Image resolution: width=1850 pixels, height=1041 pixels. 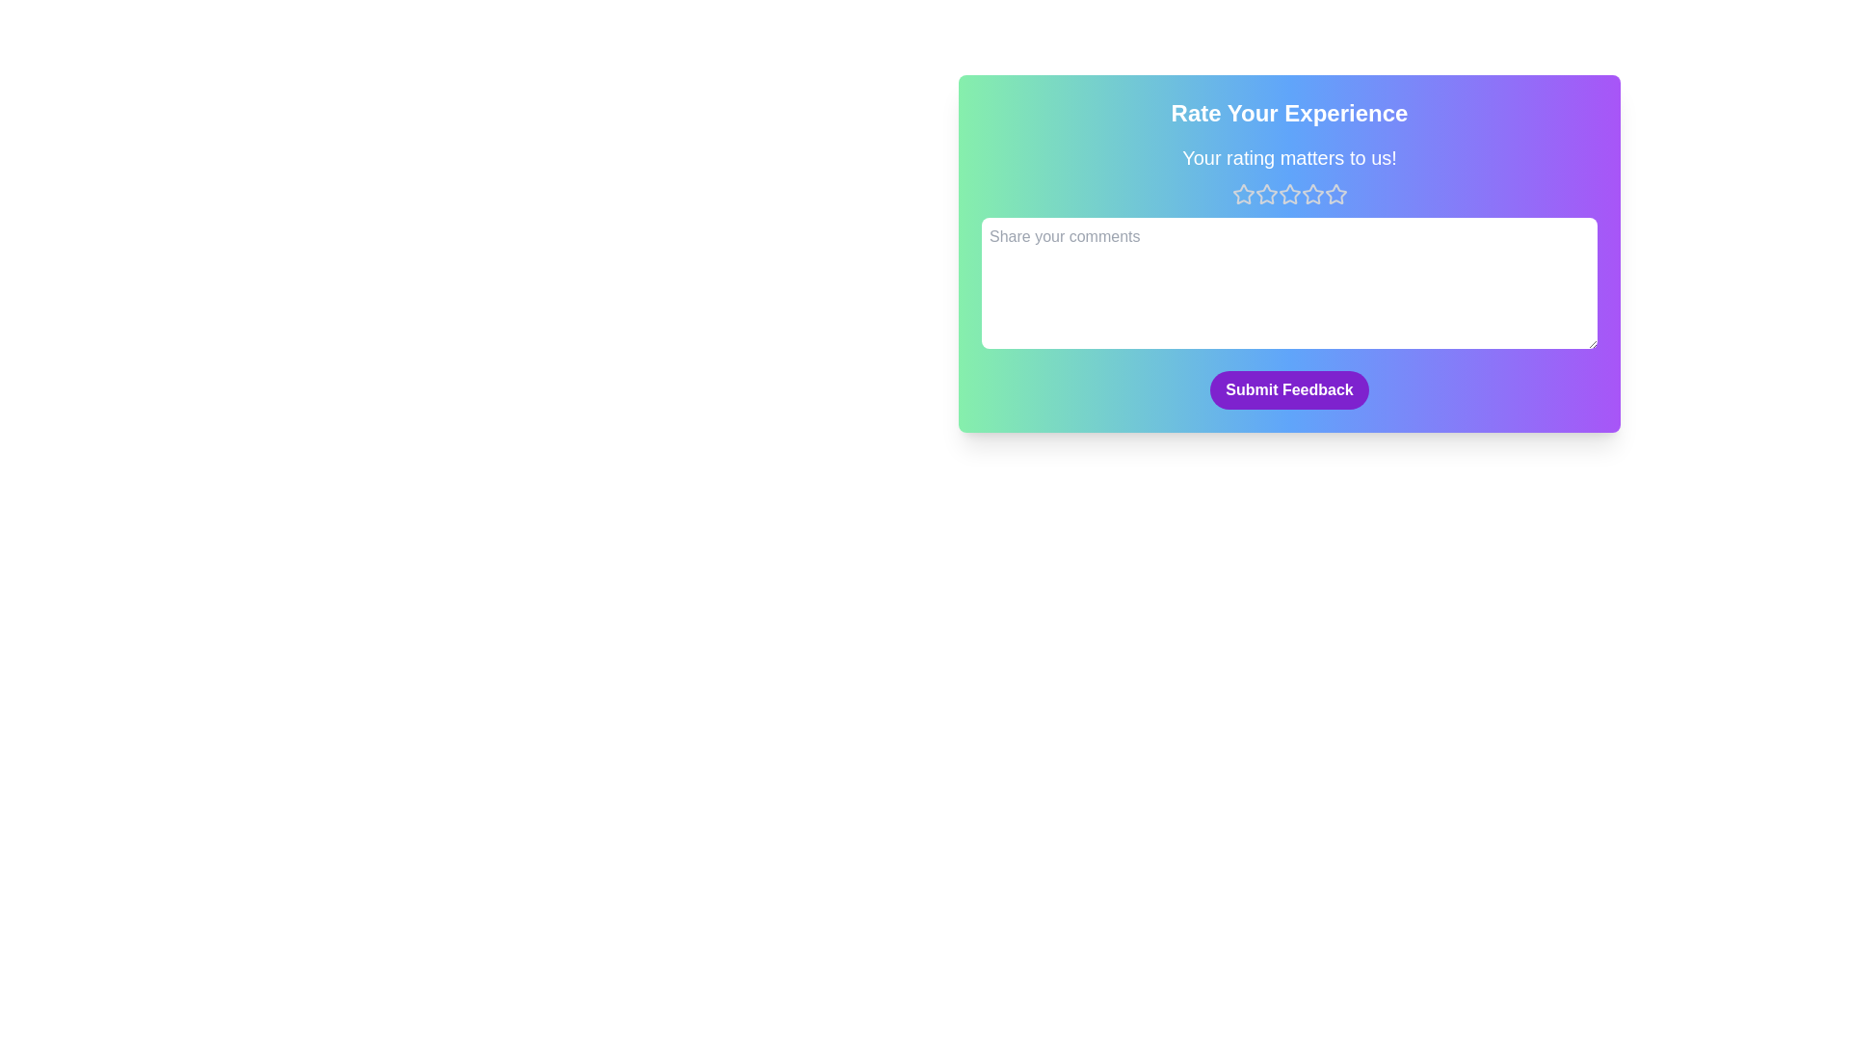 What do you see at coordinates (1289, 194) in the screenshot?
I see `the star corresponding to the desired rating value 3` at bounding box center [1289, 194].